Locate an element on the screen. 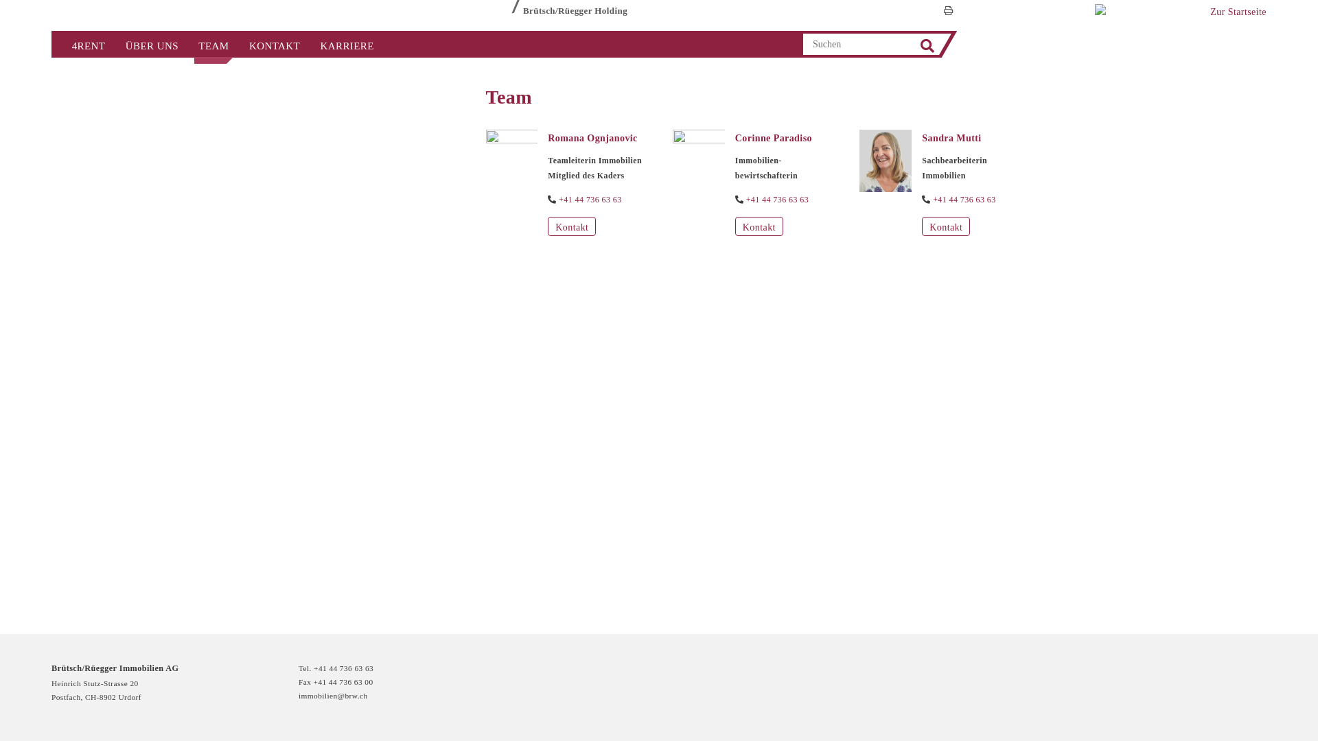  '+41 44 736 63 63' is located at coordinates (590, 200).